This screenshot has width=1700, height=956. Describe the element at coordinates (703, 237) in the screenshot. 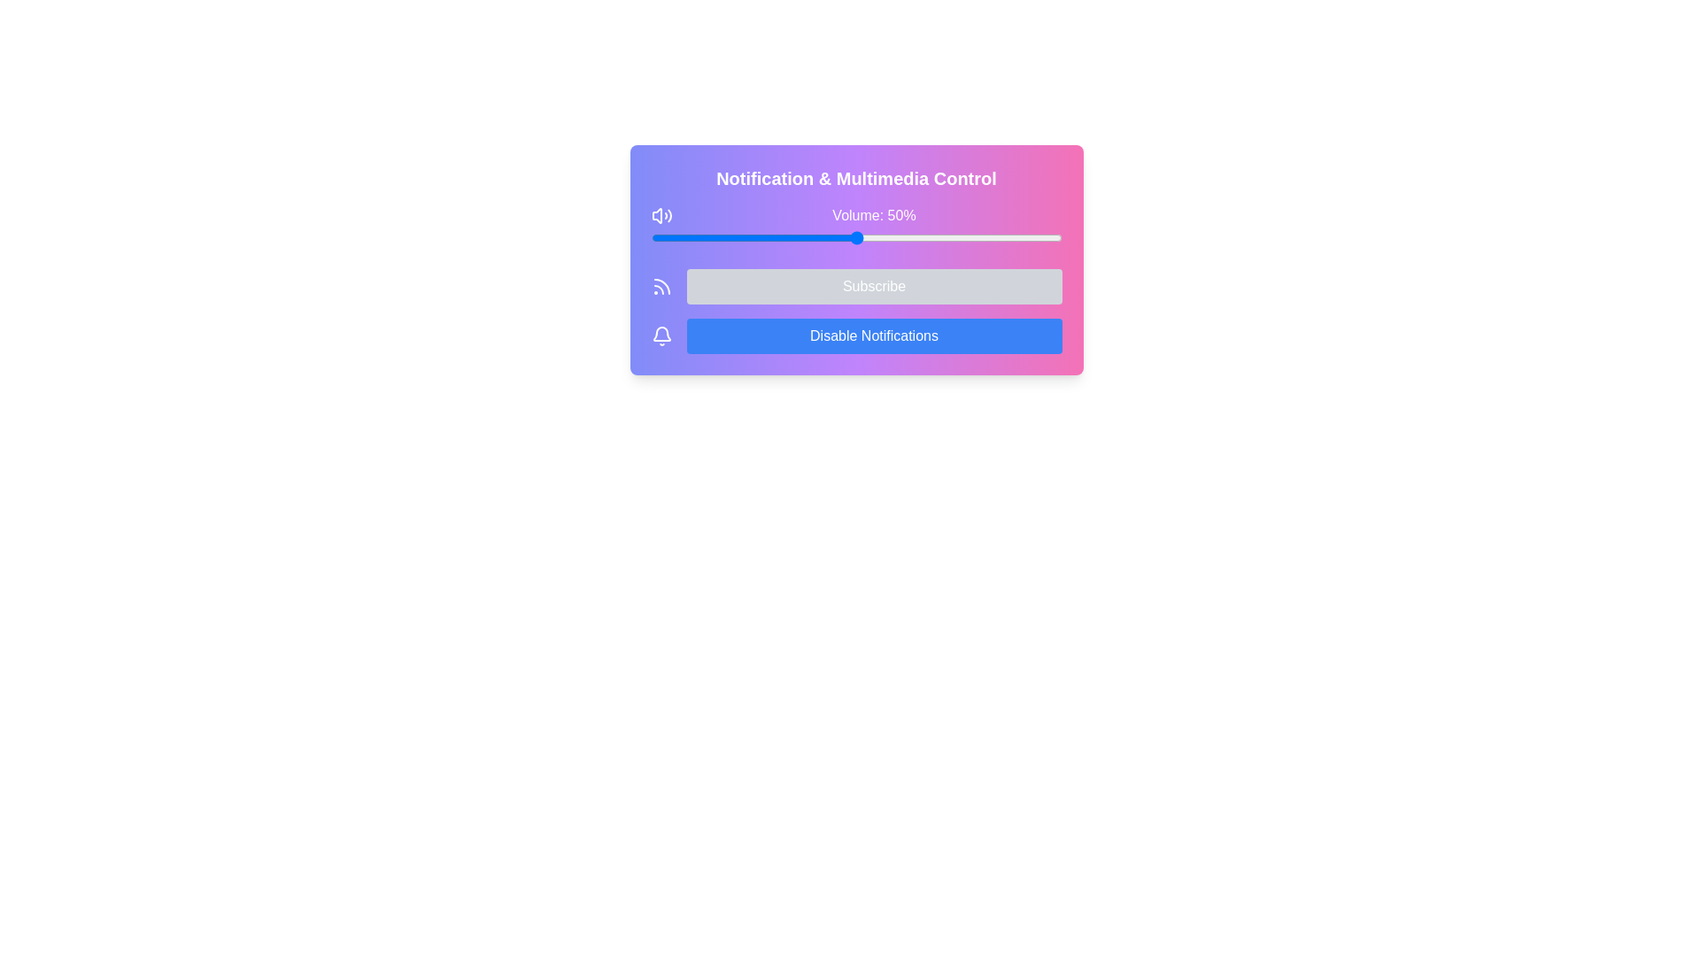

I see `the volume slider` at that location.